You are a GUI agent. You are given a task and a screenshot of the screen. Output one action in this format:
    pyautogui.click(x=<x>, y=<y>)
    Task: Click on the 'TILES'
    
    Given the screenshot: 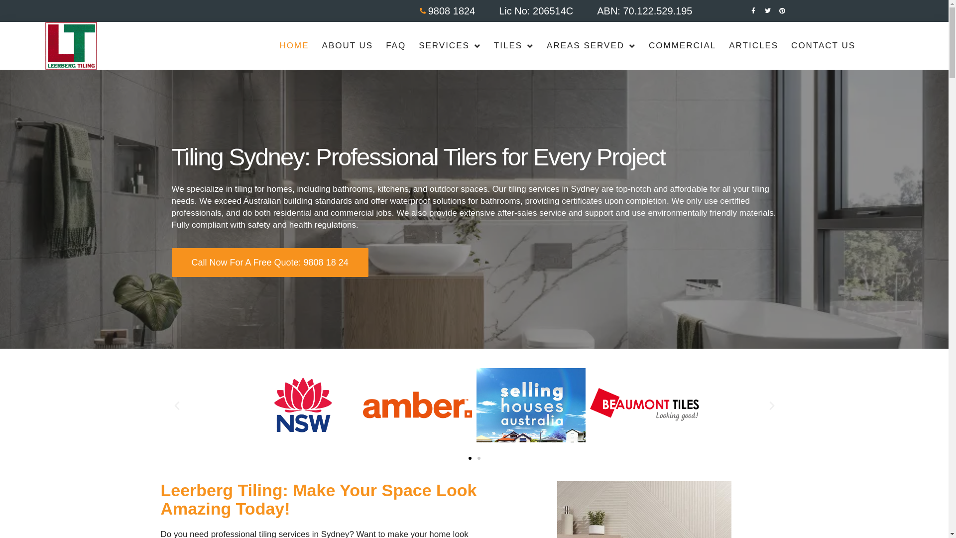 What is the action you would take?
    pyautogui.click(x=487, y=46)
    